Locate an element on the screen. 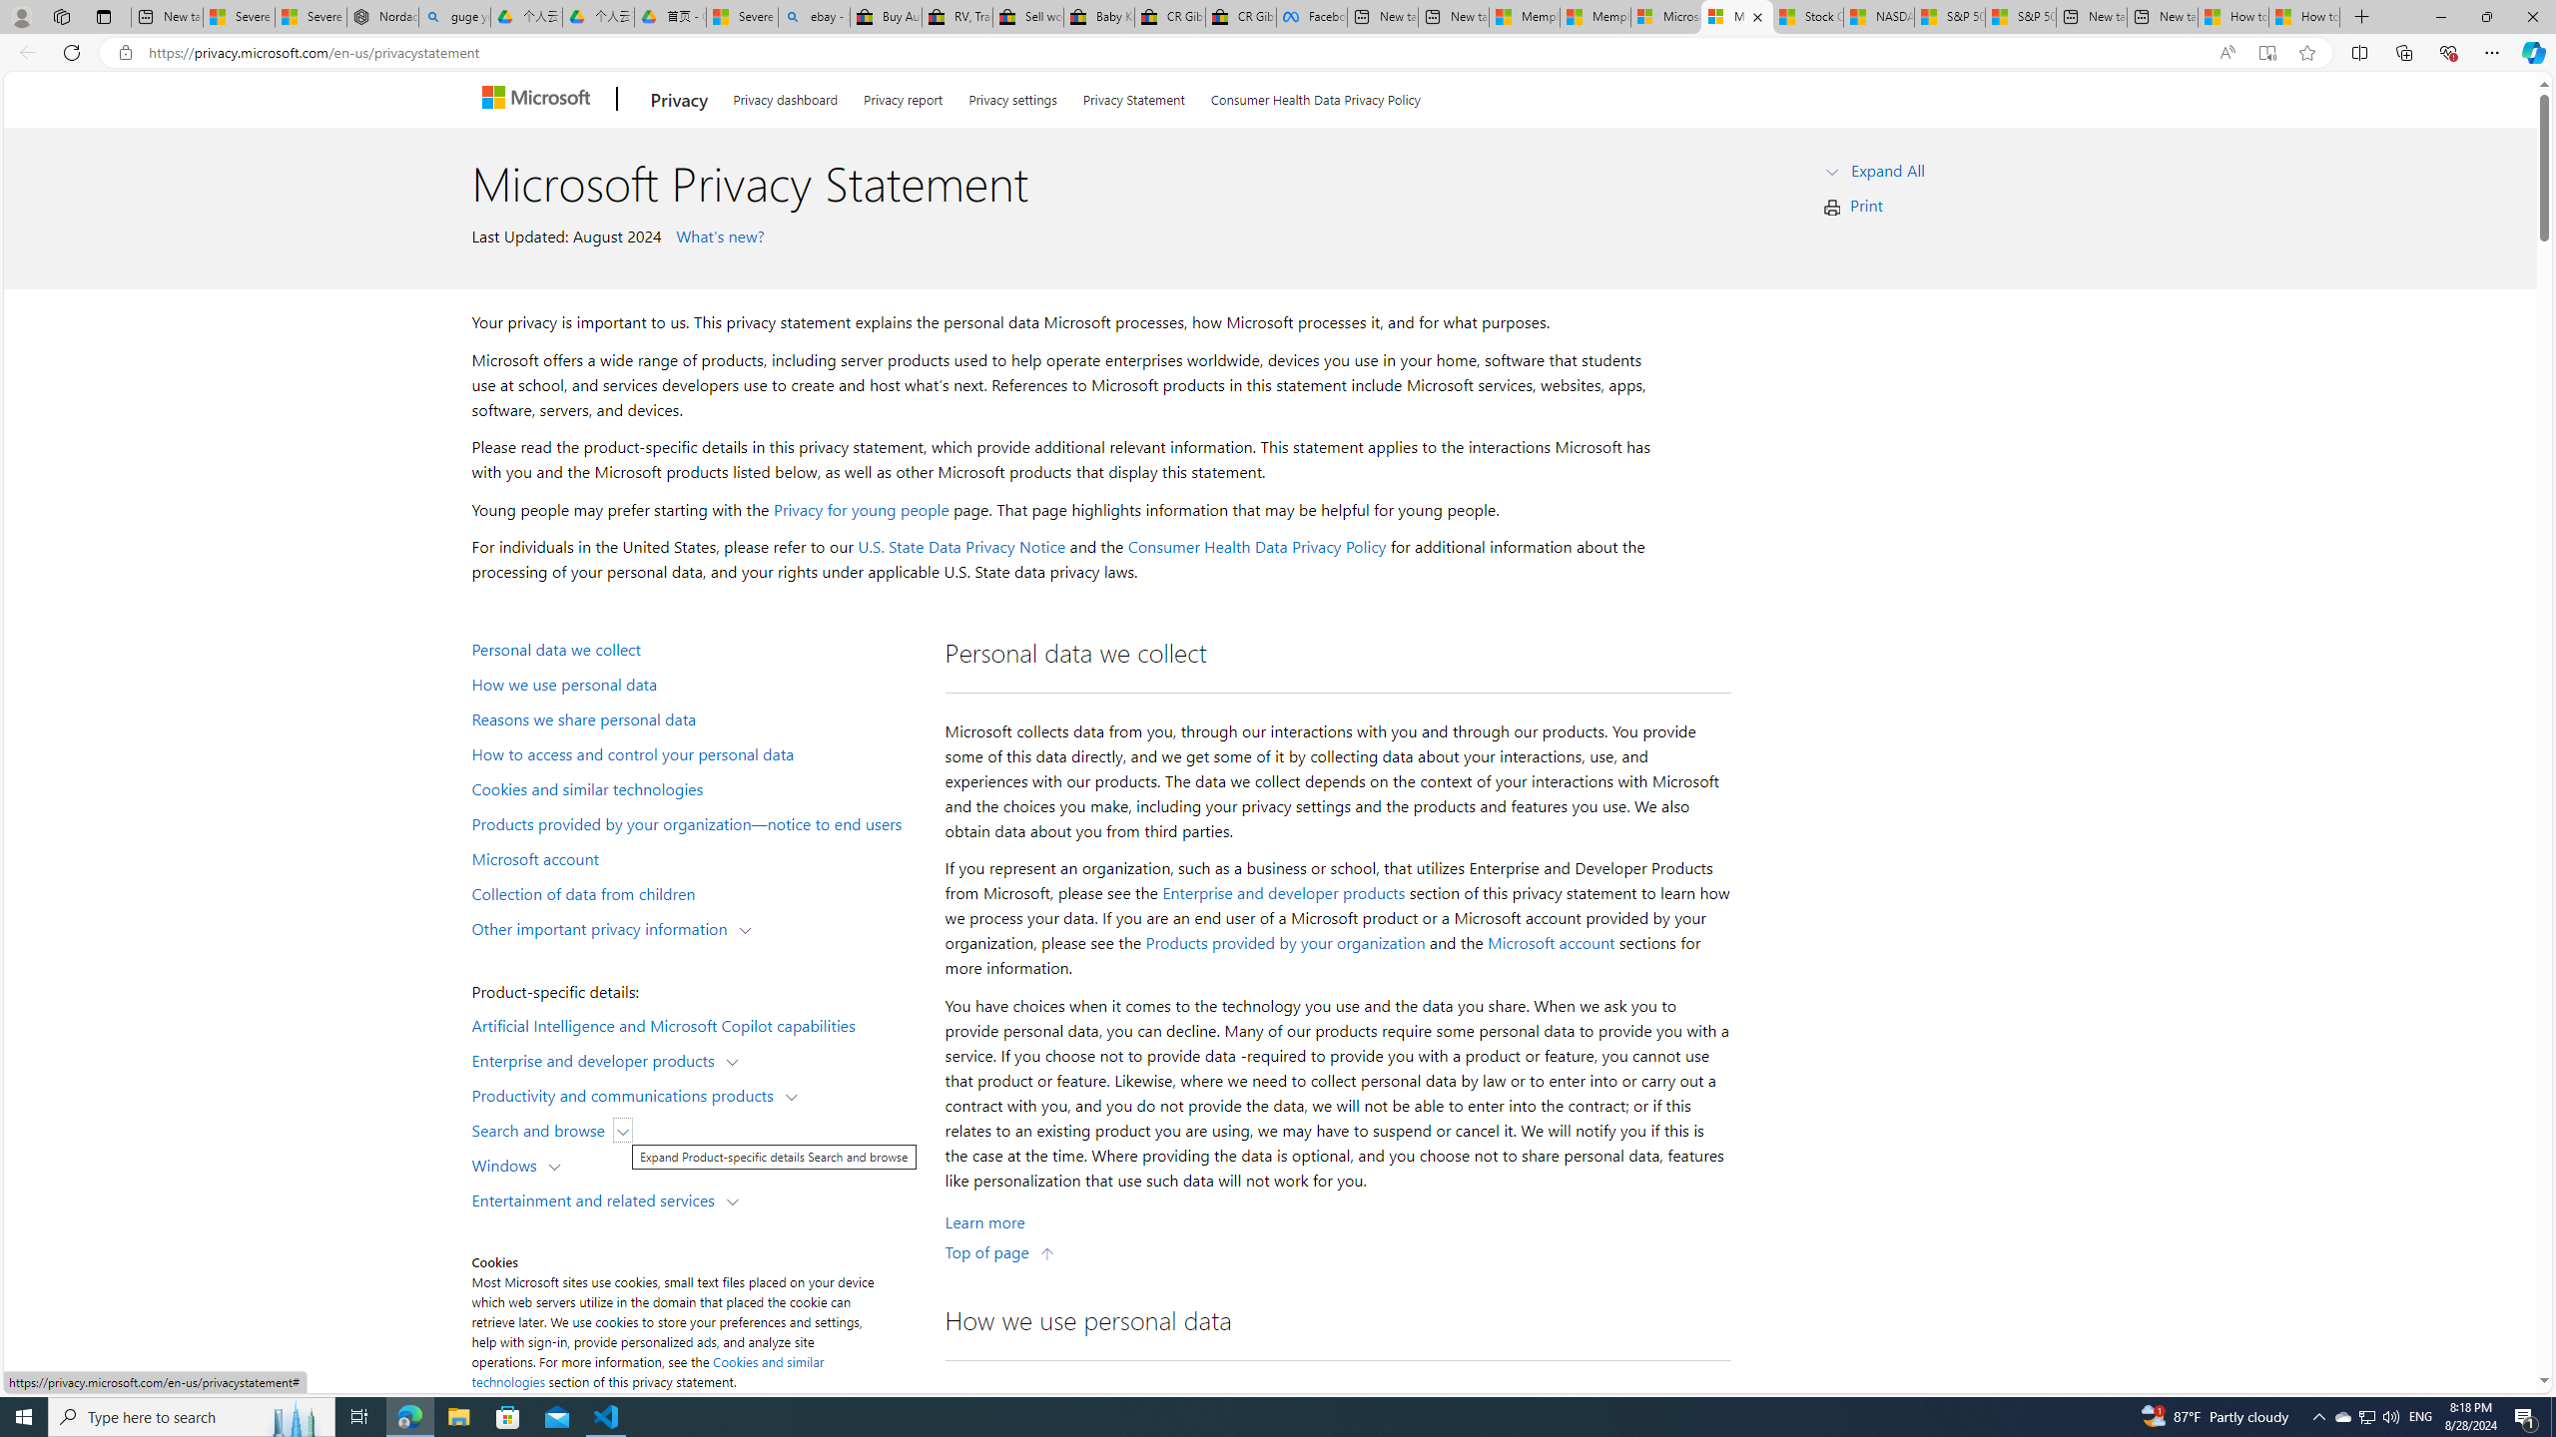 Image resolution: width=2556 pixels, height=1437 pixels. 'How to Use a Monitor With Your Closed Laptop' is located at coordinates (2303, 16).